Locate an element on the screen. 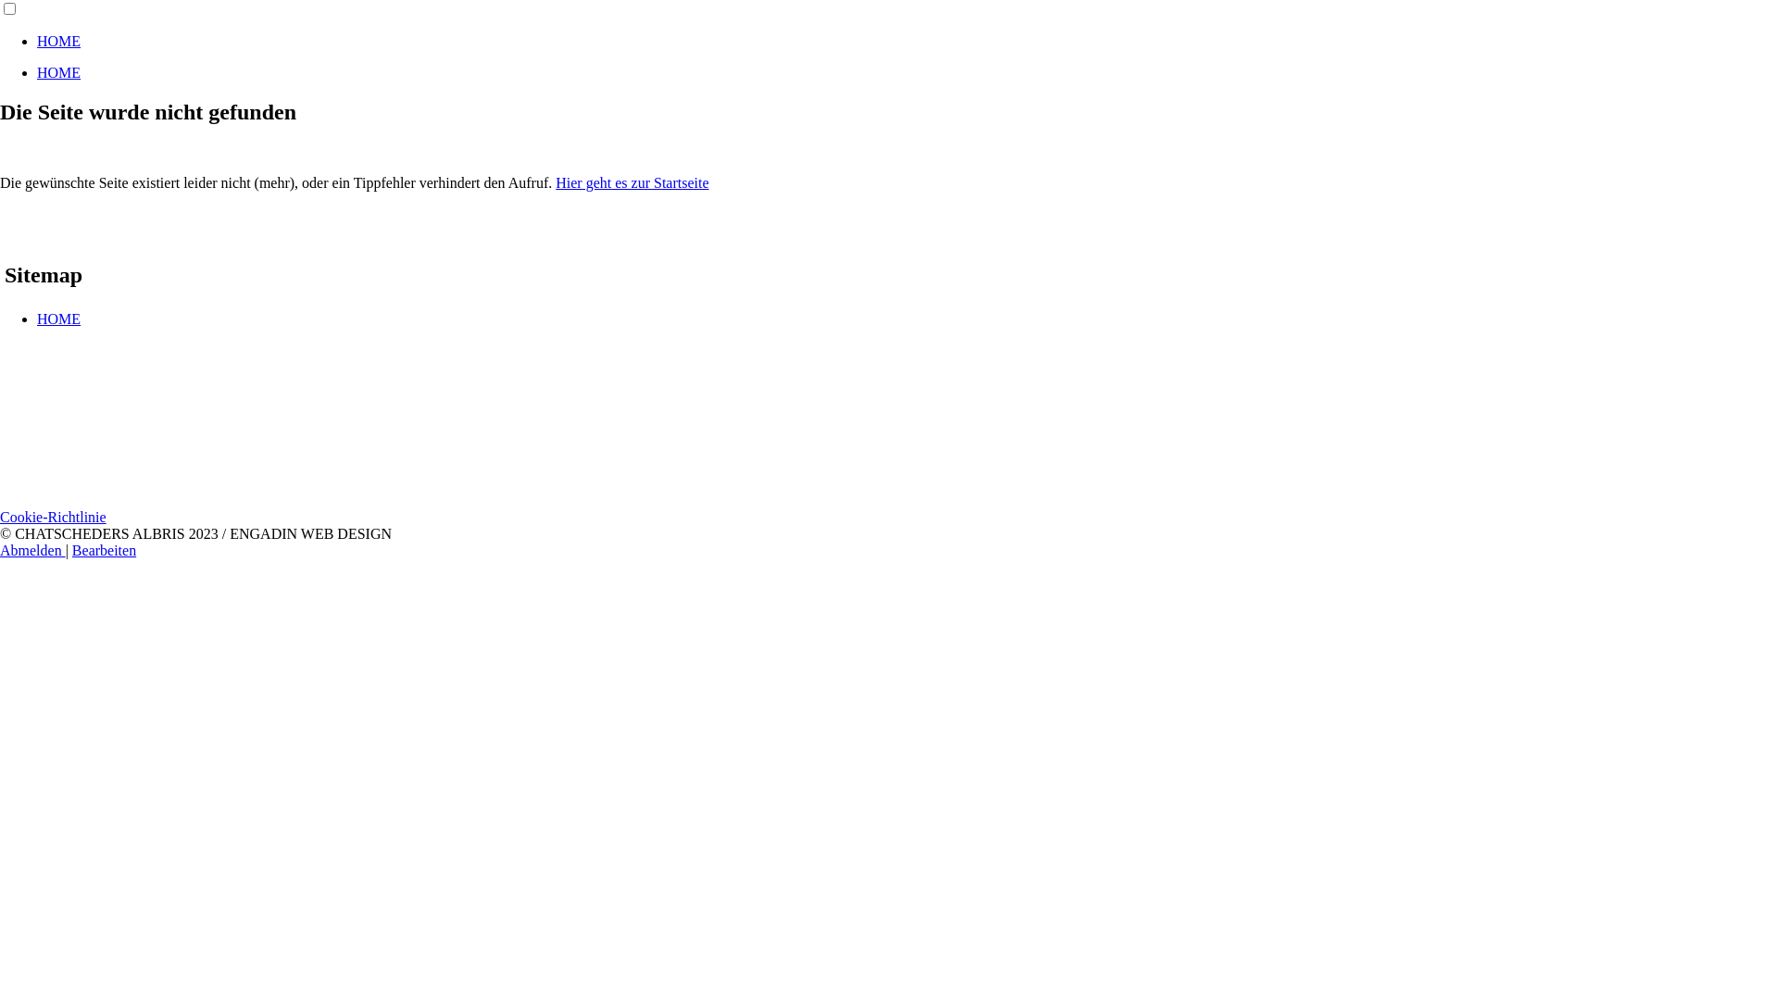  'Abmelden' is located at coordinates (32, 549).